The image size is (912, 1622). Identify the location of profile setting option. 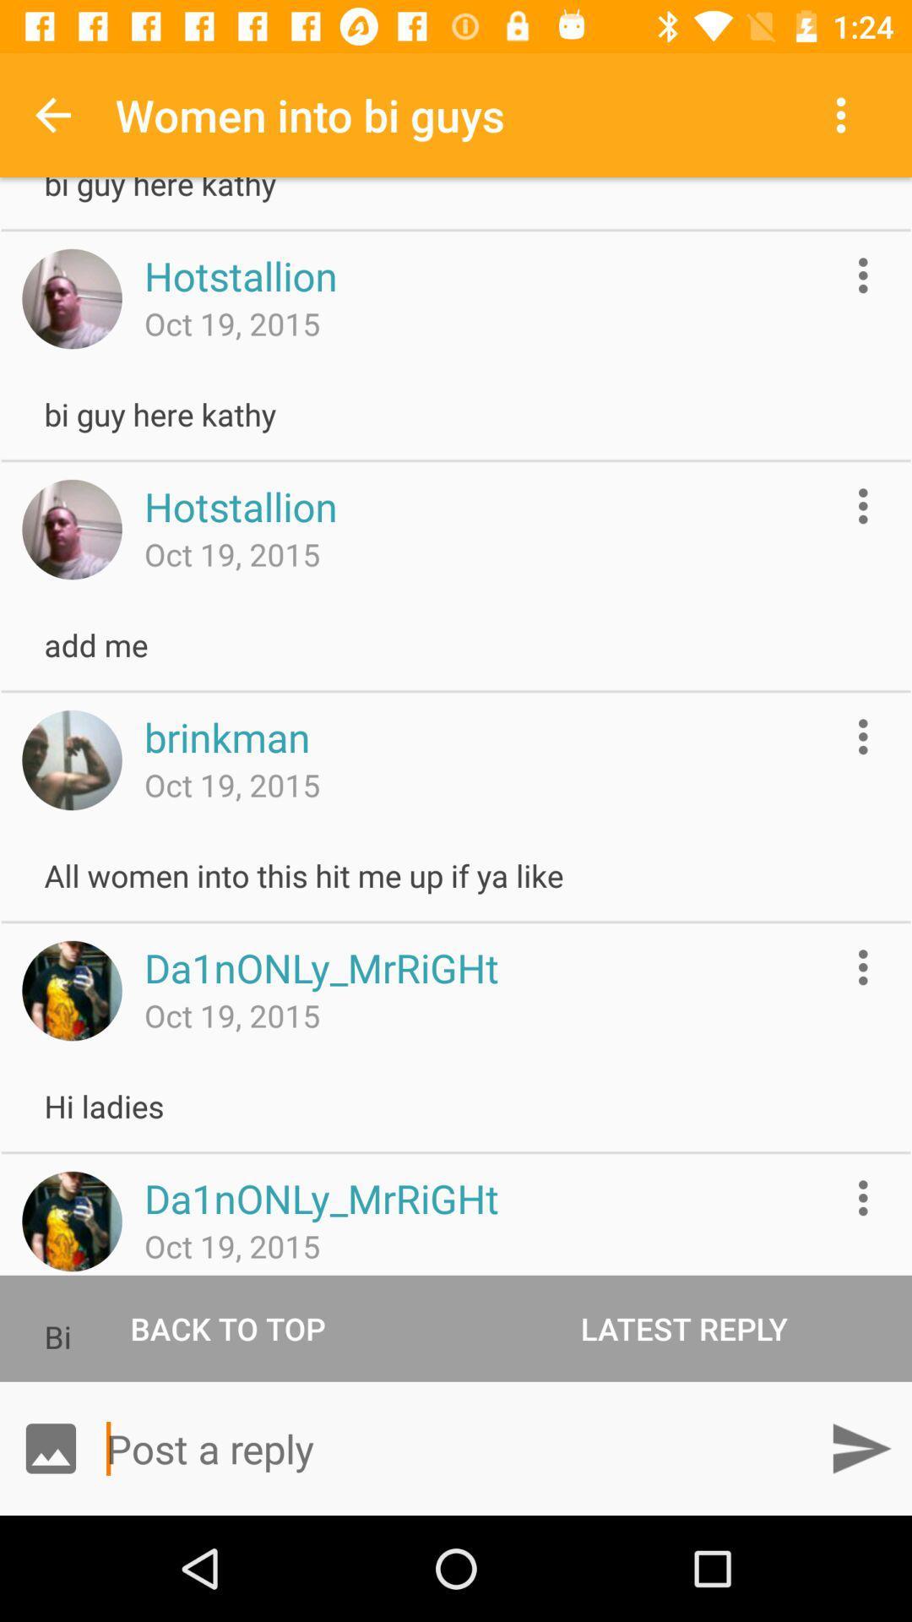
(863, 275).